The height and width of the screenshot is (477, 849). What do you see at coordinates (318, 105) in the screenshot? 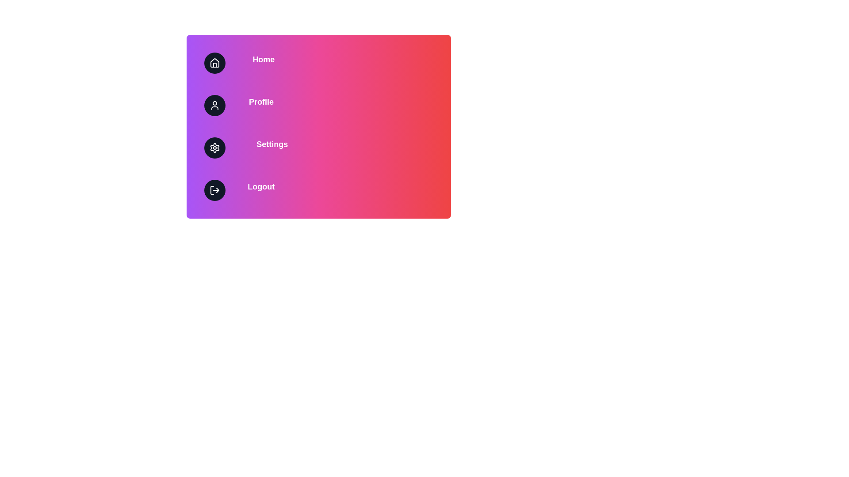
I see `the menu item labeled Profile to perform its associated action` at bounding box center [318, 105].